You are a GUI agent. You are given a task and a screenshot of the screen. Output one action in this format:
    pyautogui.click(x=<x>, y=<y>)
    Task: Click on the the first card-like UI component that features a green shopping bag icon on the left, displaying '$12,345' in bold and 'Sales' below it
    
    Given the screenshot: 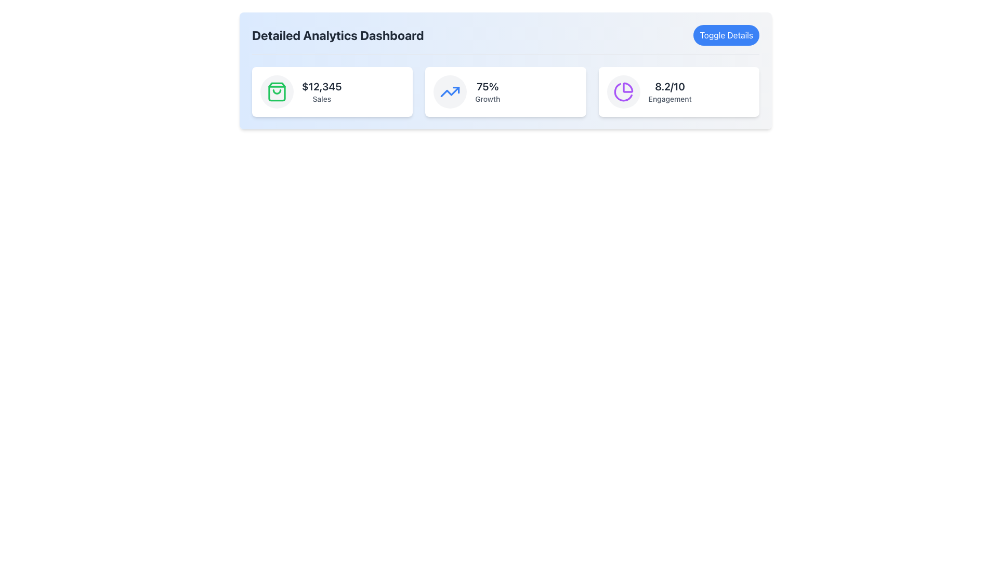 What is the action you would take?
    pyautogui.click(x=332, y=91)
    